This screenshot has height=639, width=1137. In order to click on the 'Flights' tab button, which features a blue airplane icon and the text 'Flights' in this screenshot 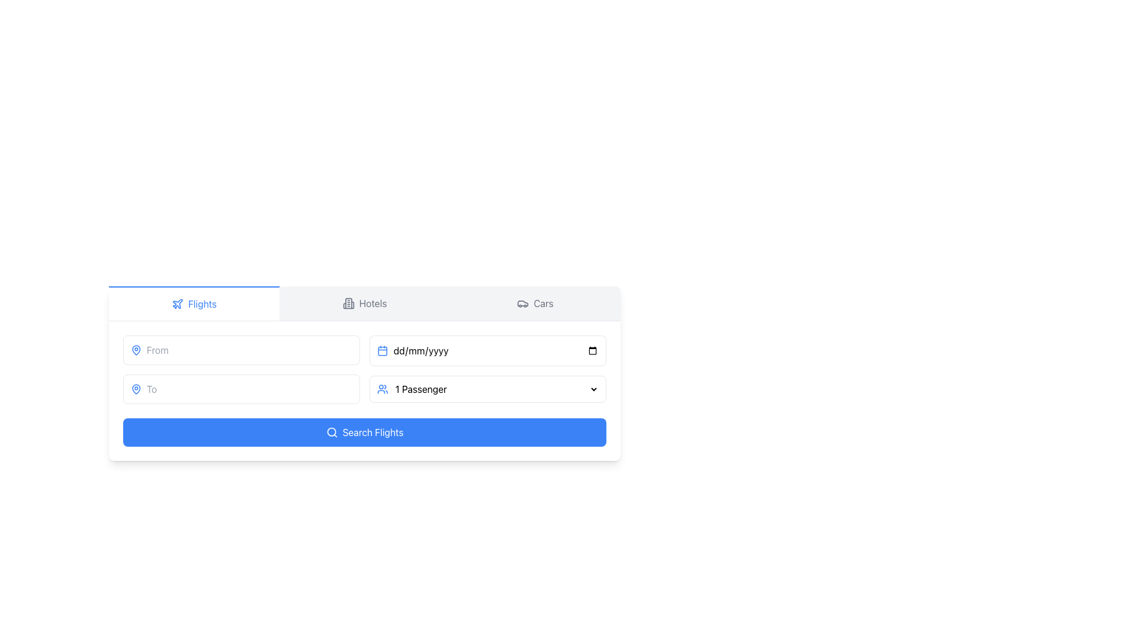, I will do `click(194, 303)`.